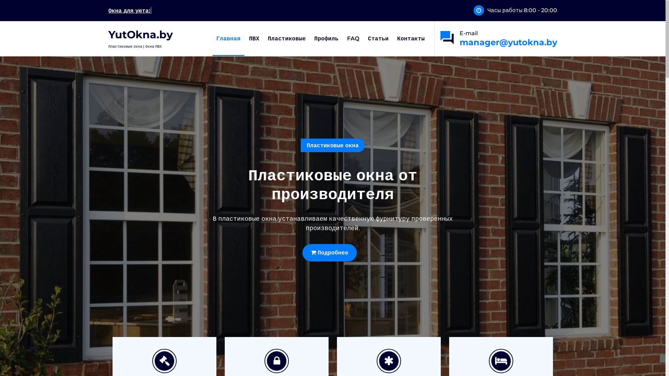 Image resolution: width=669 pixels, height=376 pixels. What do you see at coordinates (353, 39) in the screenshot?
I see `'FAQ'` at bounding box center [353, 39].